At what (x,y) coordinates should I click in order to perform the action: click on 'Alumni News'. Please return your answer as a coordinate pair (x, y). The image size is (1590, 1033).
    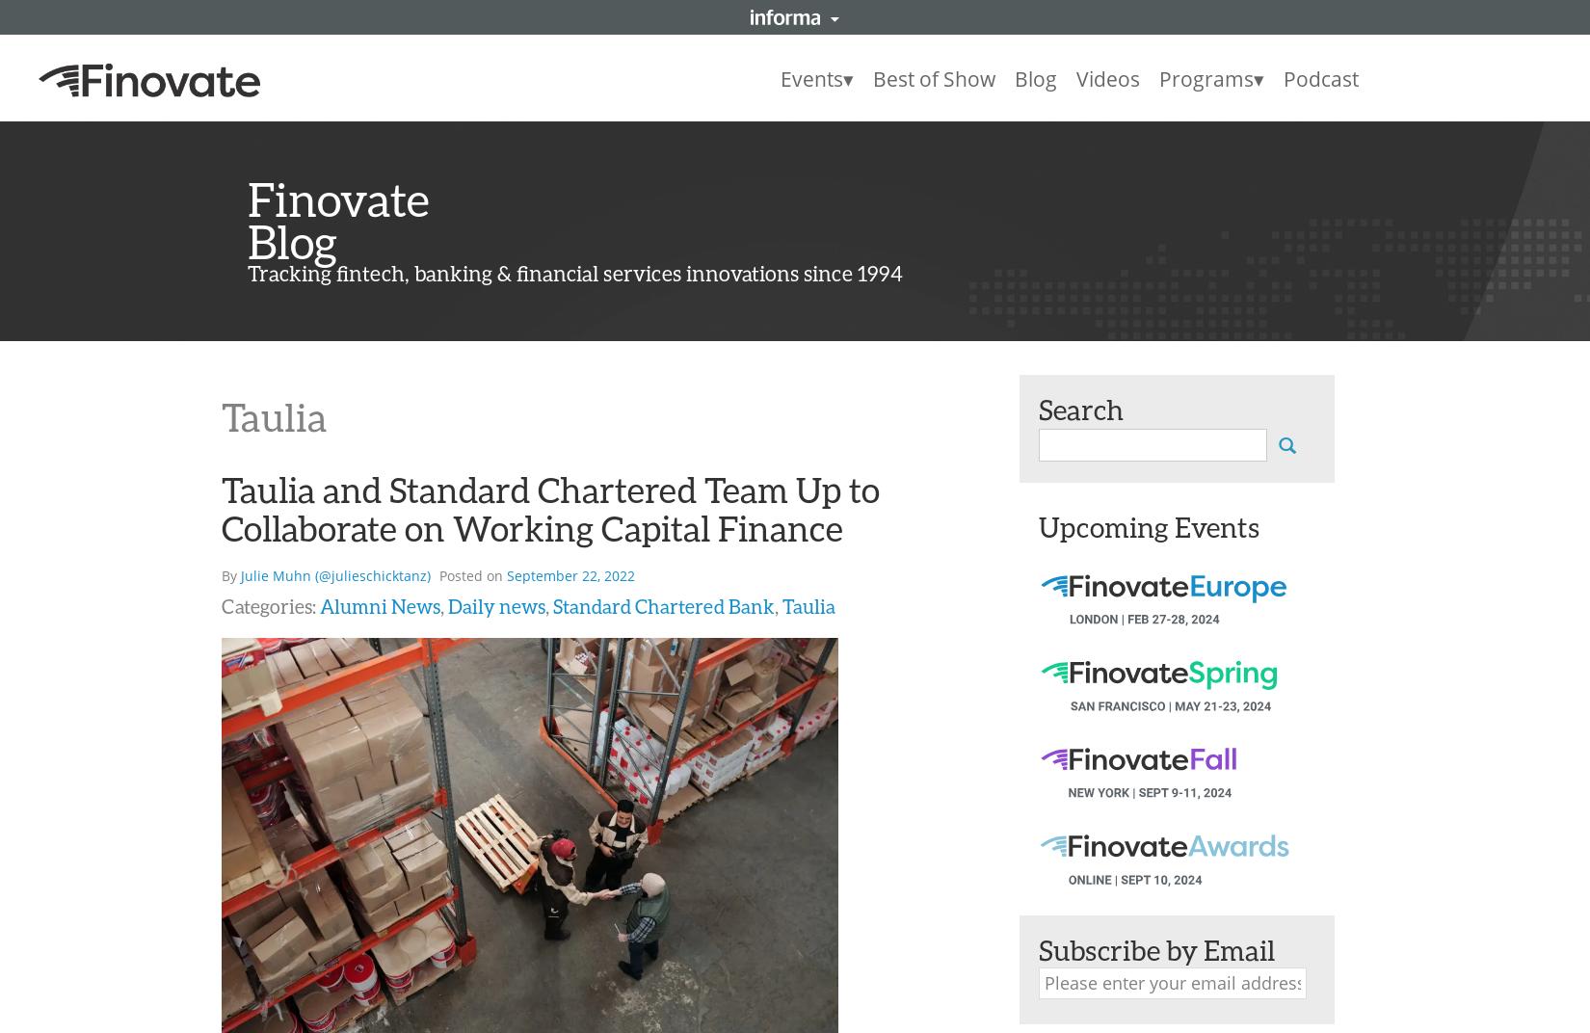
    Looking at the image, I should click on (380, 606).